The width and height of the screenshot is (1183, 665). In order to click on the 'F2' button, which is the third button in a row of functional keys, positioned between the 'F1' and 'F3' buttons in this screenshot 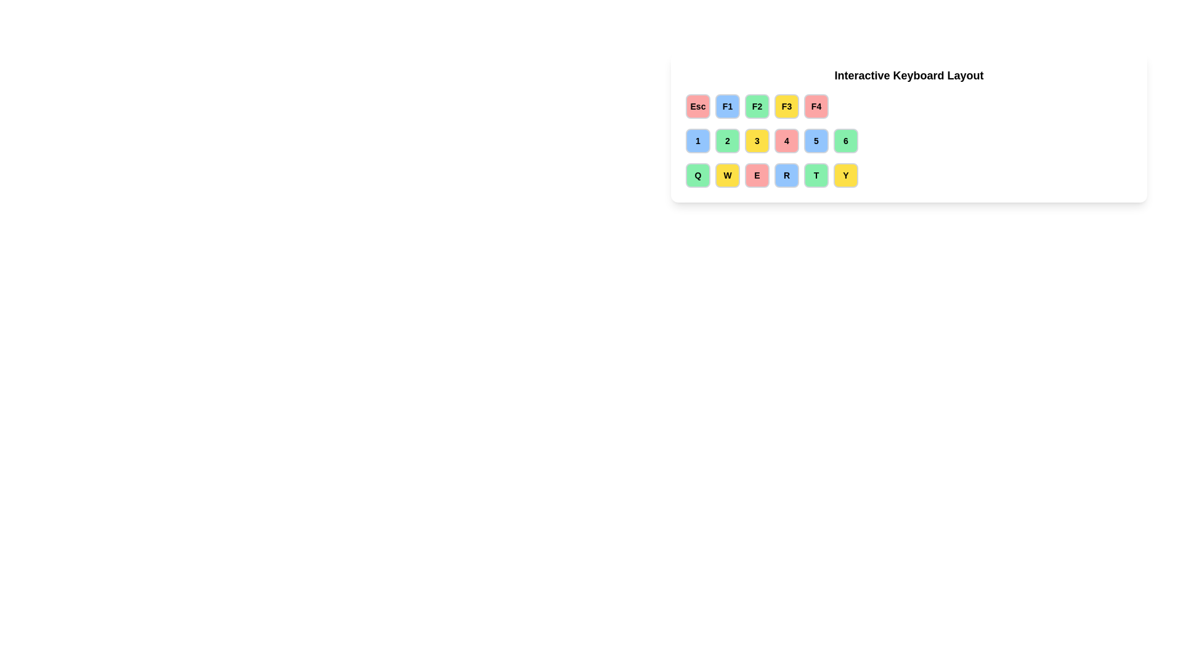, I will do `click(756, 106)`.